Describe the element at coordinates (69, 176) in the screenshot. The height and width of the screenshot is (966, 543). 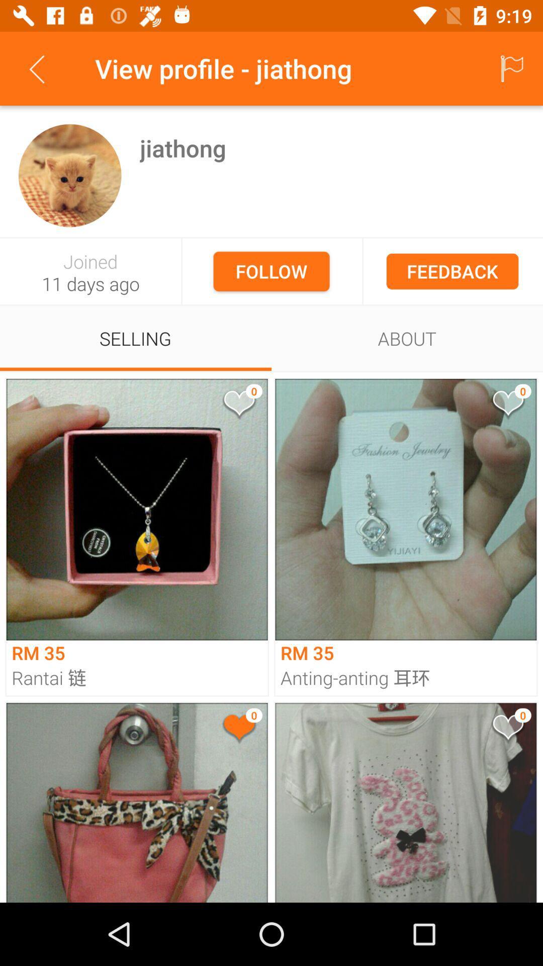
I see `item to the left of the jiathong` at that location.